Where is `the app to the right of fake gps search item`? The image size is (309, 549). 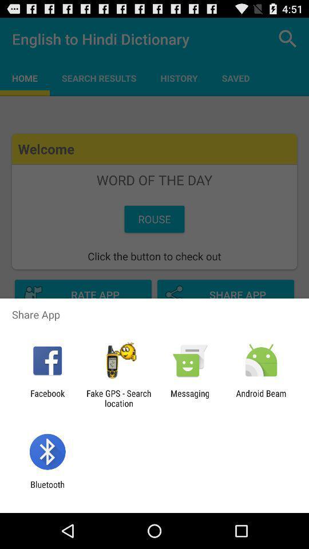
the app to the right of fake gps search item is located at coordinates (190, 398).